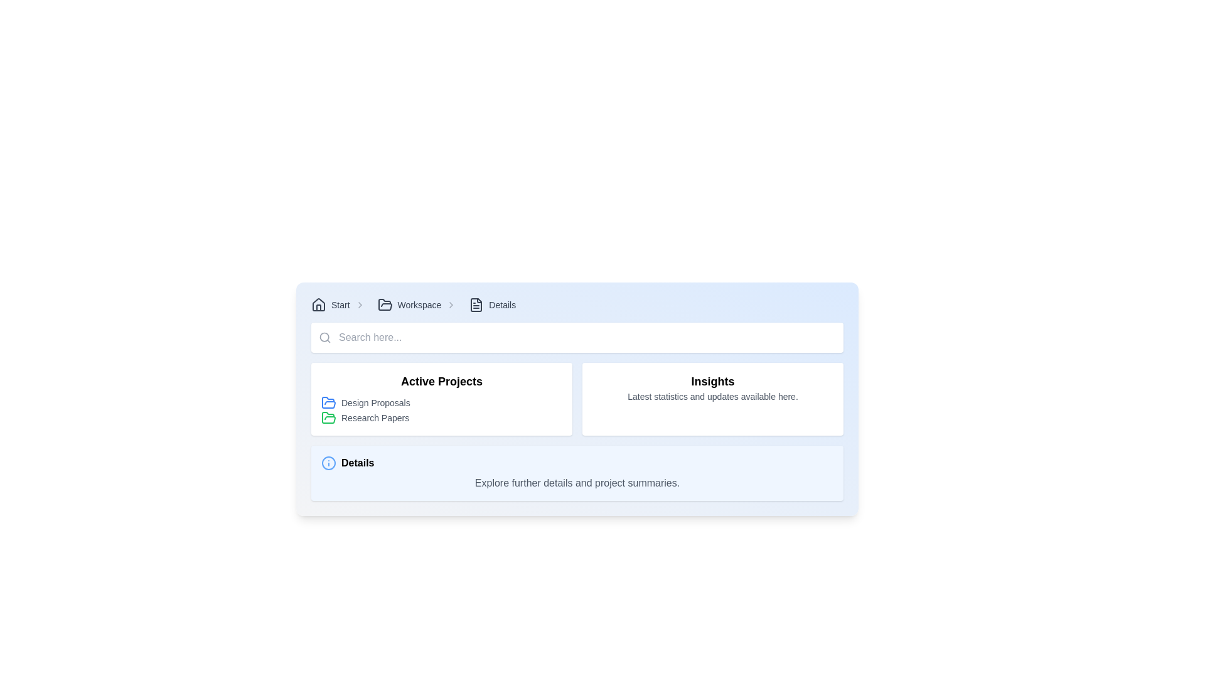  I want to click on the file/document icon in the breadcrumb navigation, located between the 'Workspace' folder icon and the 'Details' label, so click(476, 305).